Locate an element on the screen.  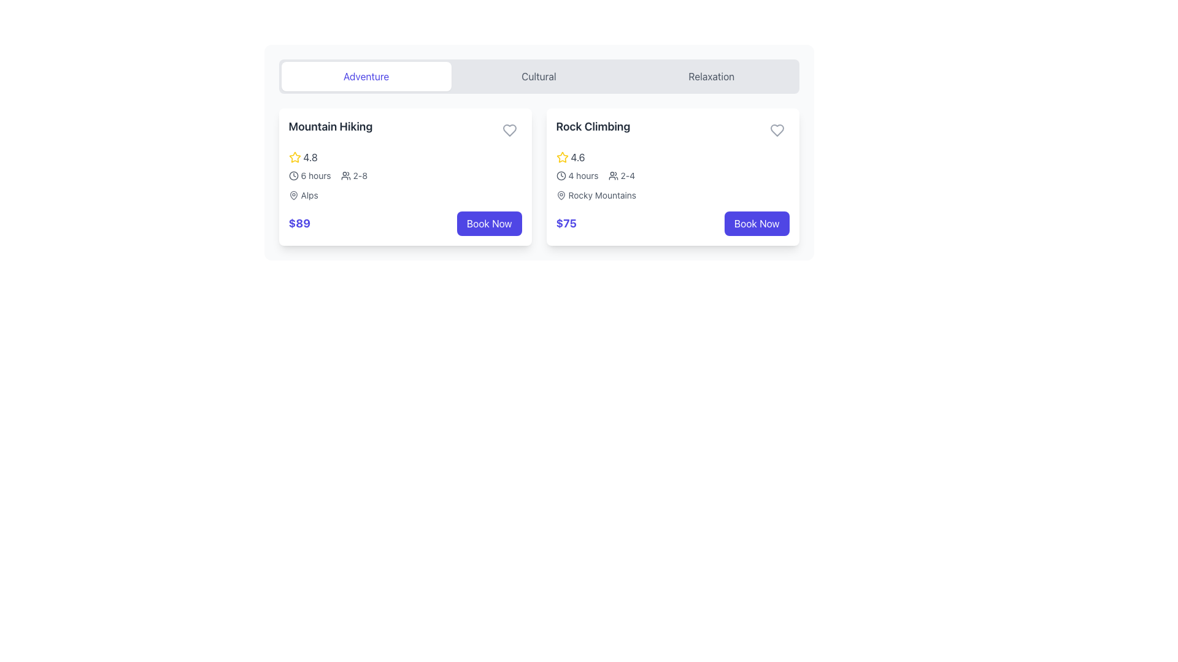
the circular heart icon button located in the upper-right corner of the Mountain Hiking card to interact with it is located at coordinates (509, 130).